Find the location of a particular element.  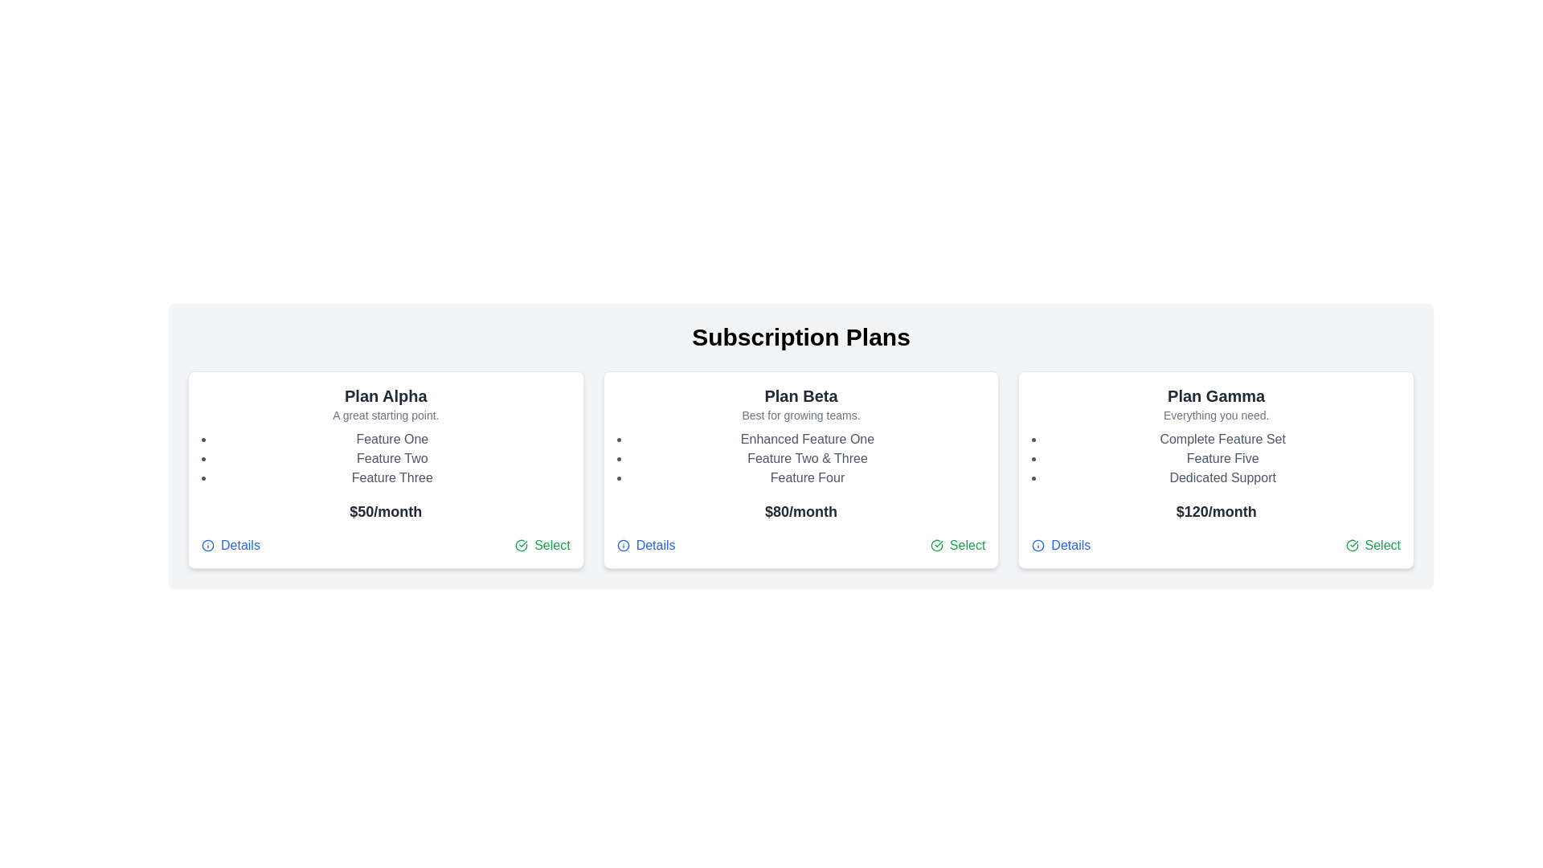

the informational icon with a blue tone that is positioned to the left of the text label 'Details' within the 'Plan Alpha' card for interaction is located at coordinates (207, 544).